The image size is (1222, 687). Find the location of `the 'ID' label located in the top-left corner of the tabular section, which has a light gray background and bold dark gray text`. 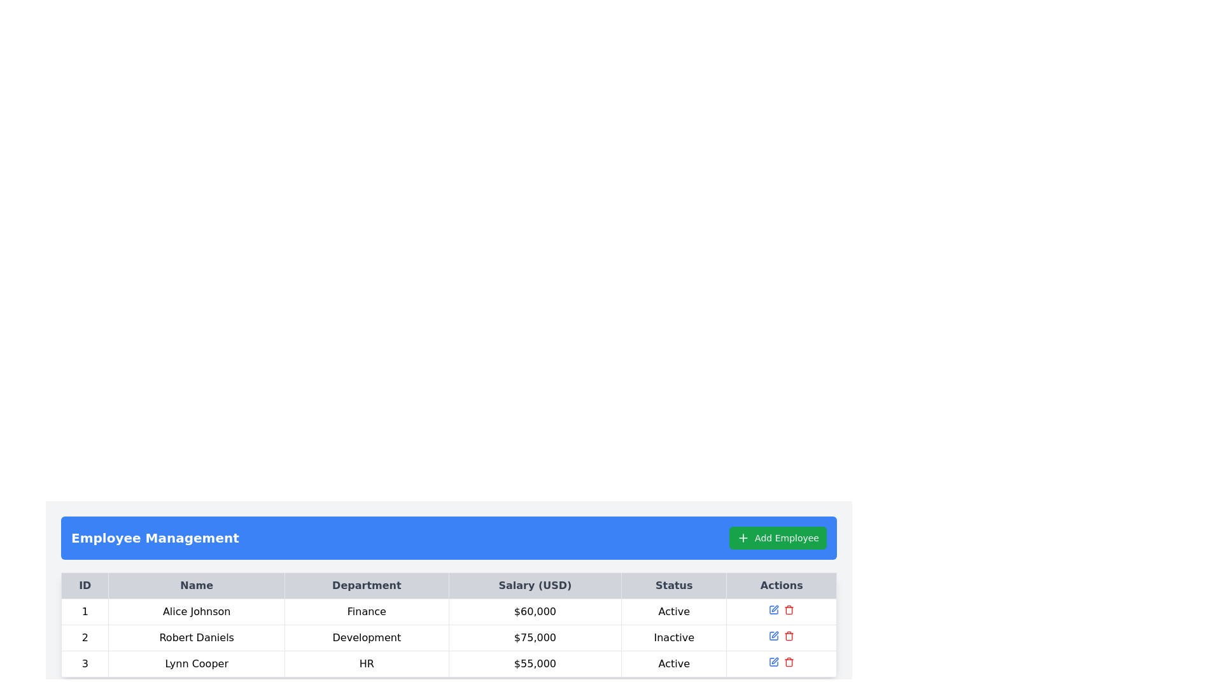

the 'ID' label located in the top-left corner of the tabular section, which has a light gray background and bold dark gray text is located at coordinates (84, 586).